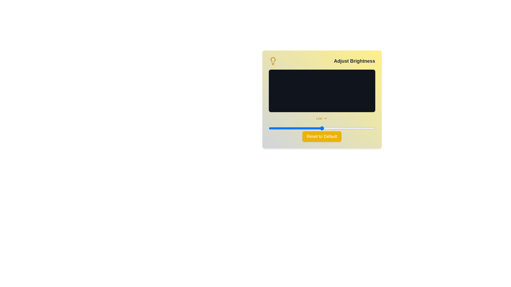 This screenshot has height=287, width=511. What do you see at coordinates (331, 128) in the screenshot?
I see `the brightness slider to 59 percent` at bounding box center [331, 128].